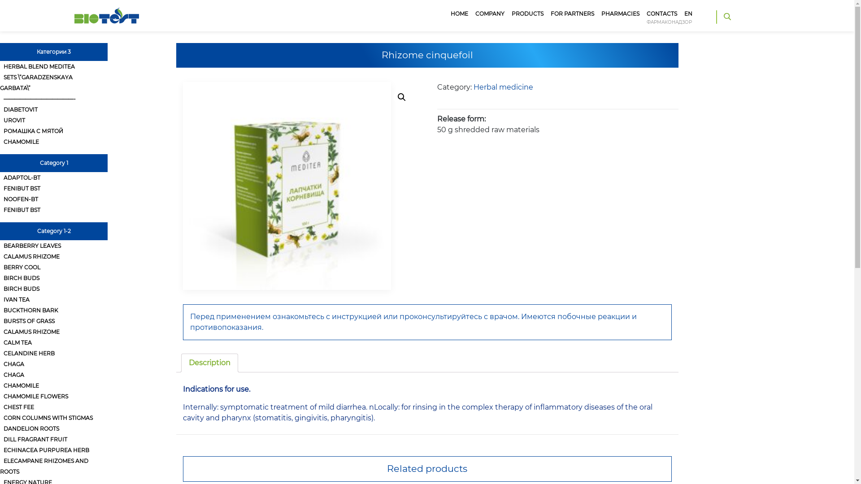 This screenshot has width=861, height=484. I want to click on 'PRODUCTS', so click(527, 13).